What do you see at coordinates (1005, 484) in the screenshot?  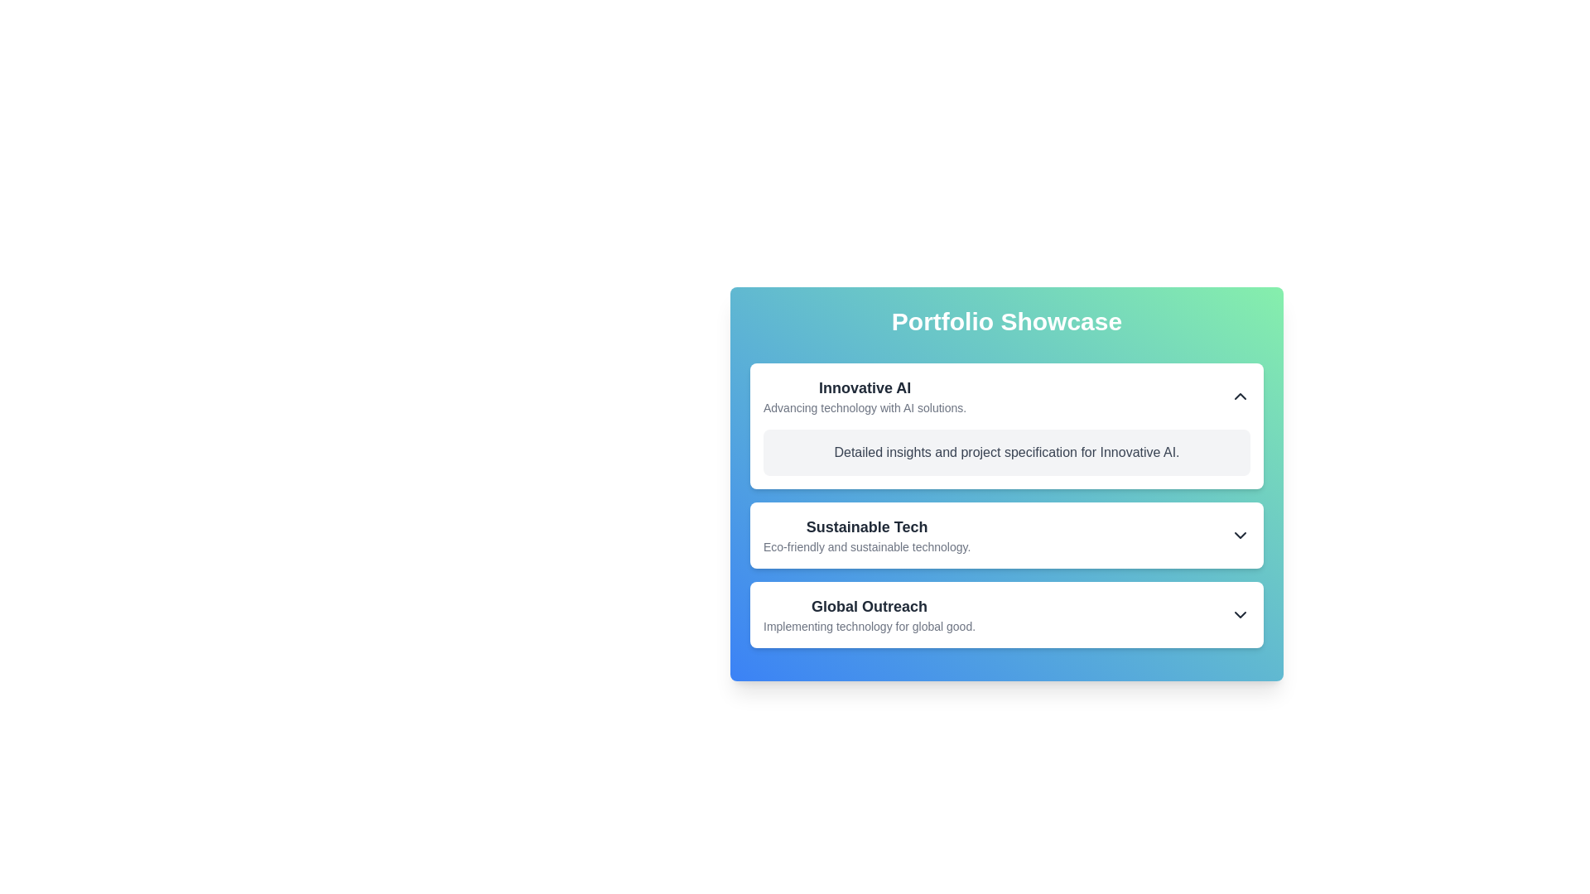 I see `the dropdown icon of the 'Innovative AI' expandable card in the Portfolio Showcase to toggle the display of additional information` at bounding box center [1005, 484].